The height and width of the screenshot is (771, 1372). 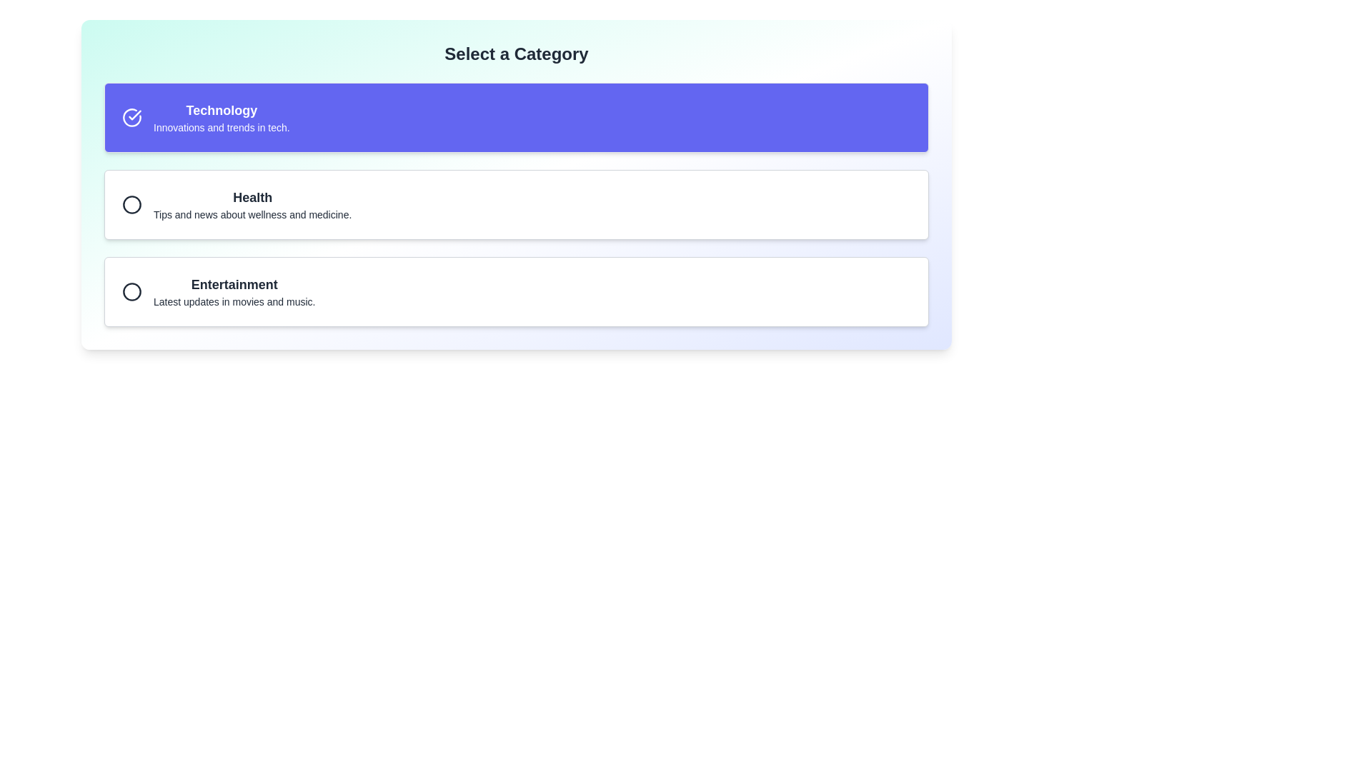 I want to click on the text label 'Entertainment', which is displayed in a bold and larger font as the title of the third list option in a vertical list of categories, so click(x=234, y=284).